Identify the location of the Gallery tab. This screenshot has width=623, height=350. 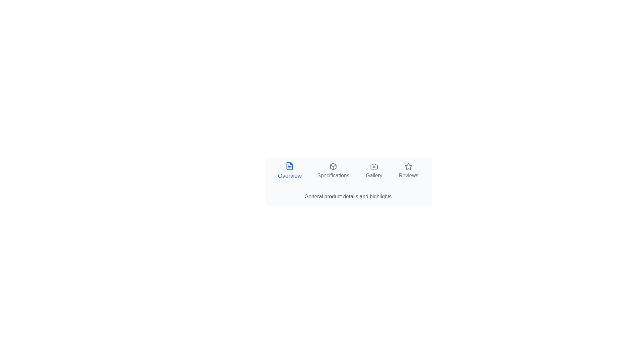
(374, 171).